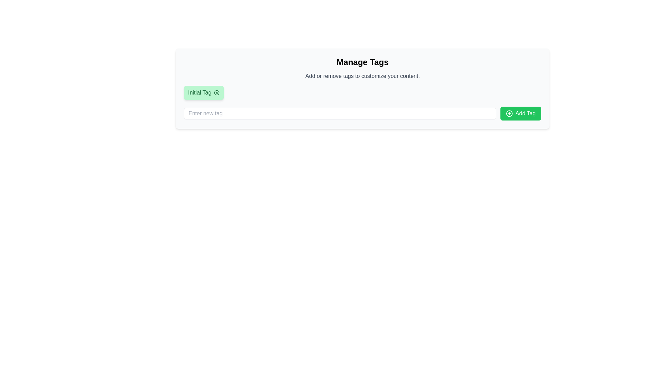 The height and width of the screenshot is (374, 664). I want to click on the green rectangular button labeled 'Add Tag' with a plus sign icon, so click(520, 113).